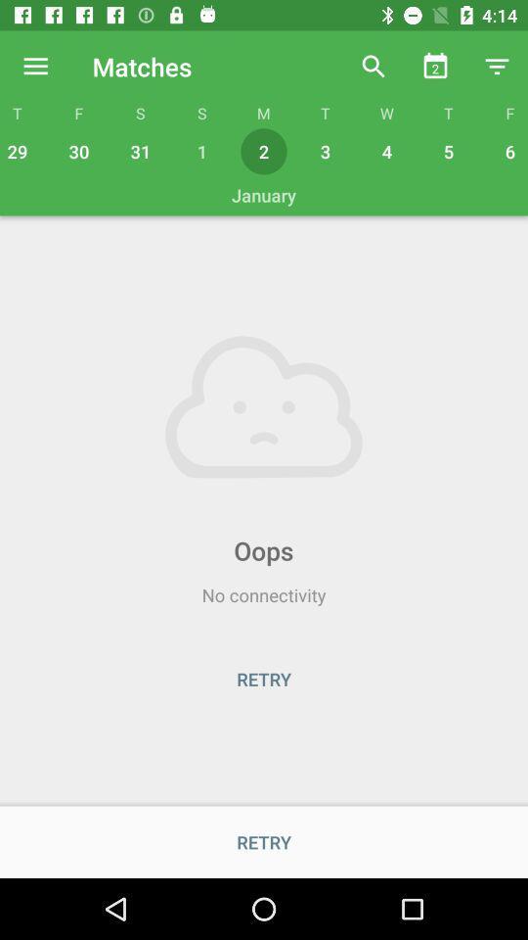 The height and width of the screenshot is (940, 528). What do you see at coordinates (19, 150) in the screenshot?
I see `the icon below the t item` at bounding box center [19, 150].